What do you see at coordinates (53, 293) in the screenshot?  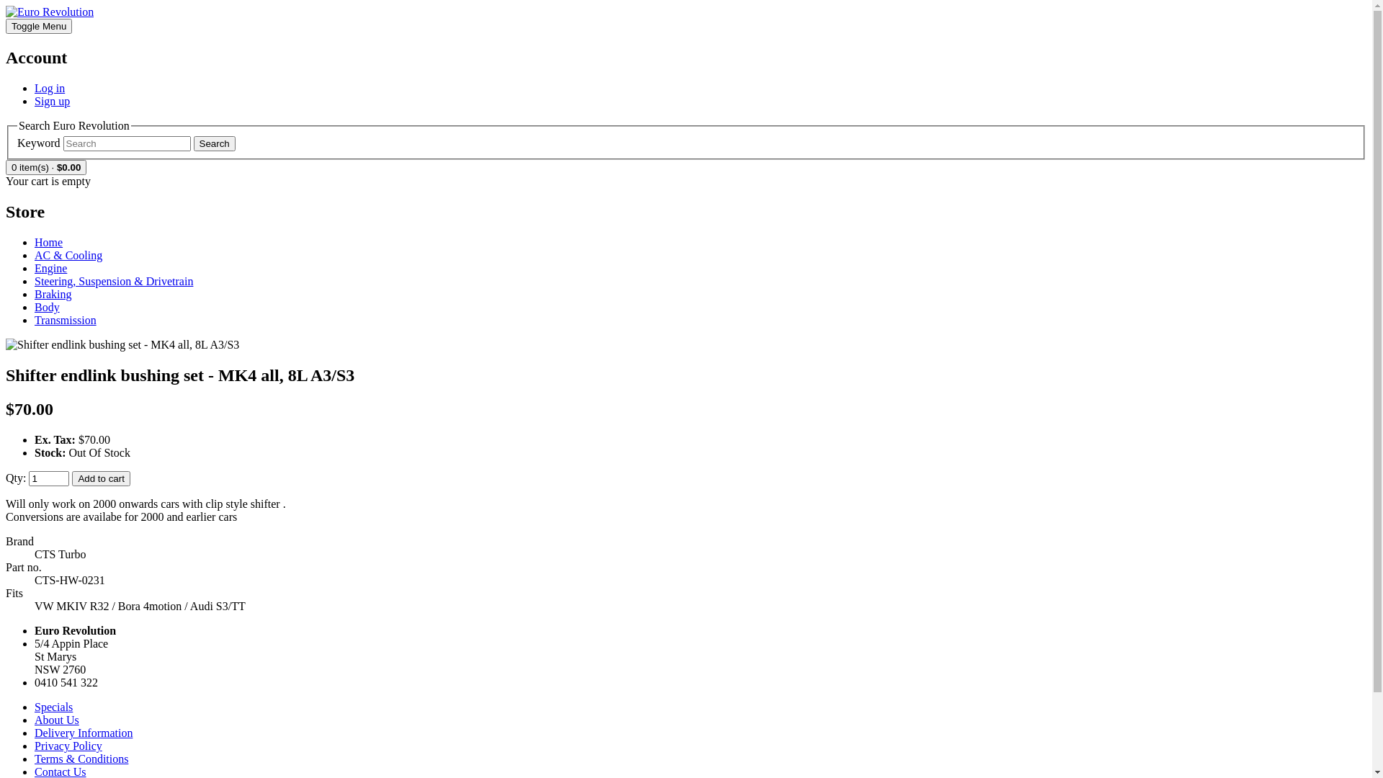 I see `'Braking'` at bounding box center [53, 293].